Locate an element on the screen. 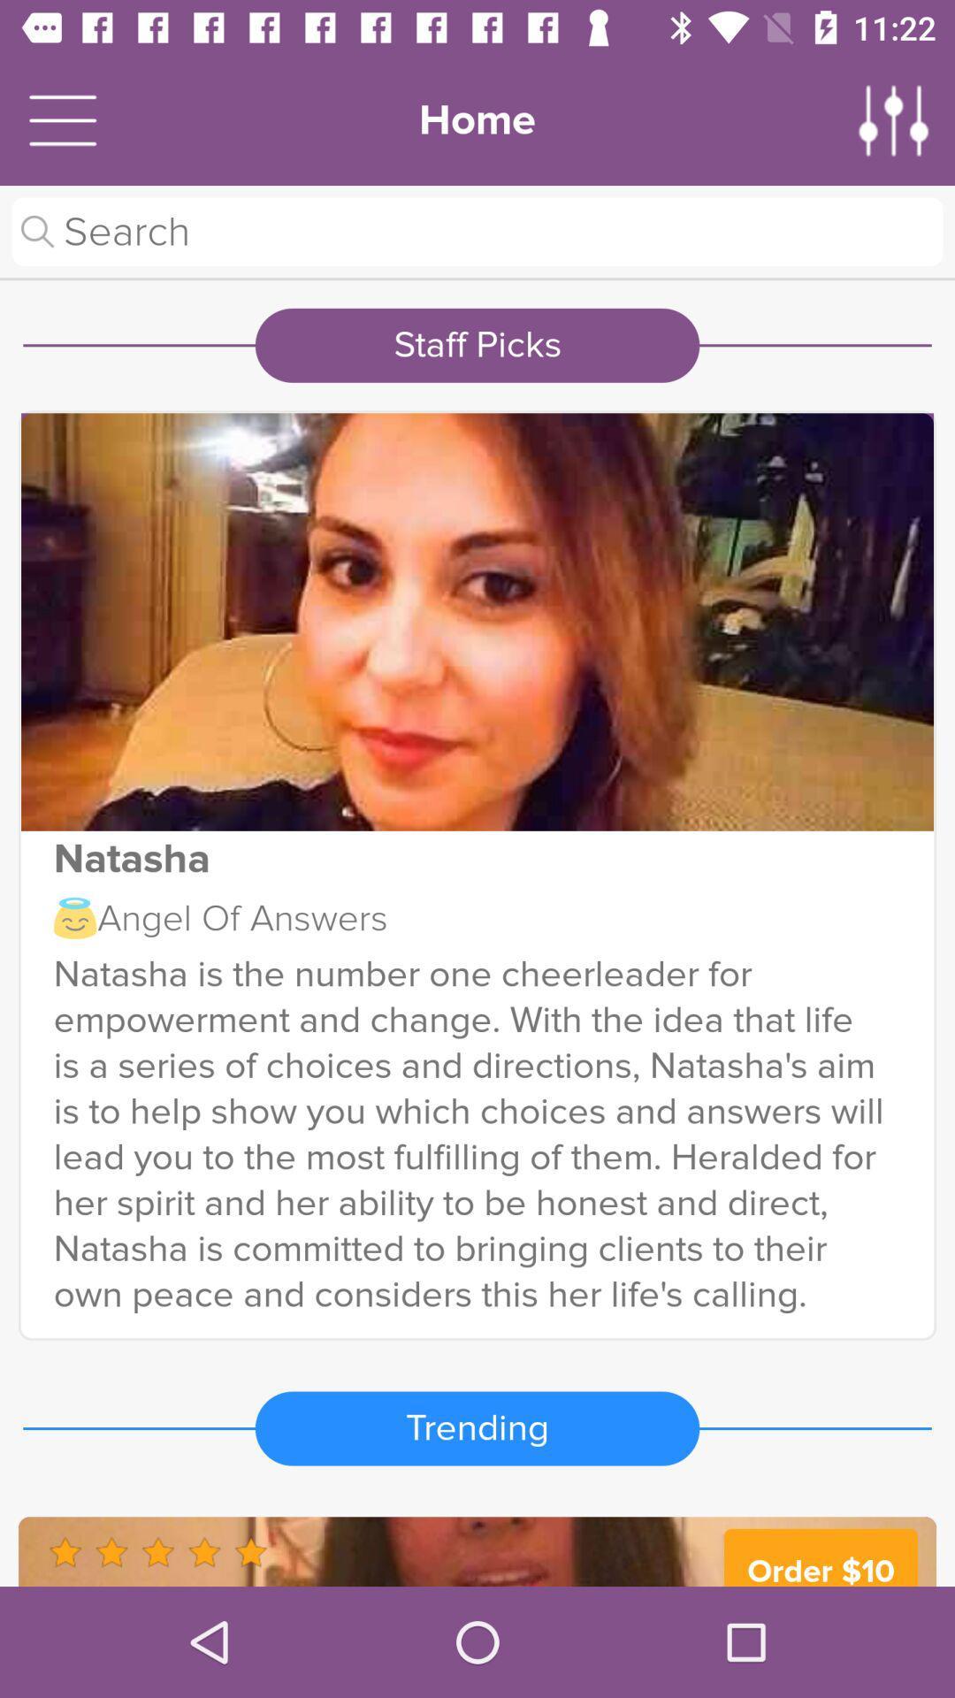 The image size is (955, 1698). image link is located at coordinates (477, 622).